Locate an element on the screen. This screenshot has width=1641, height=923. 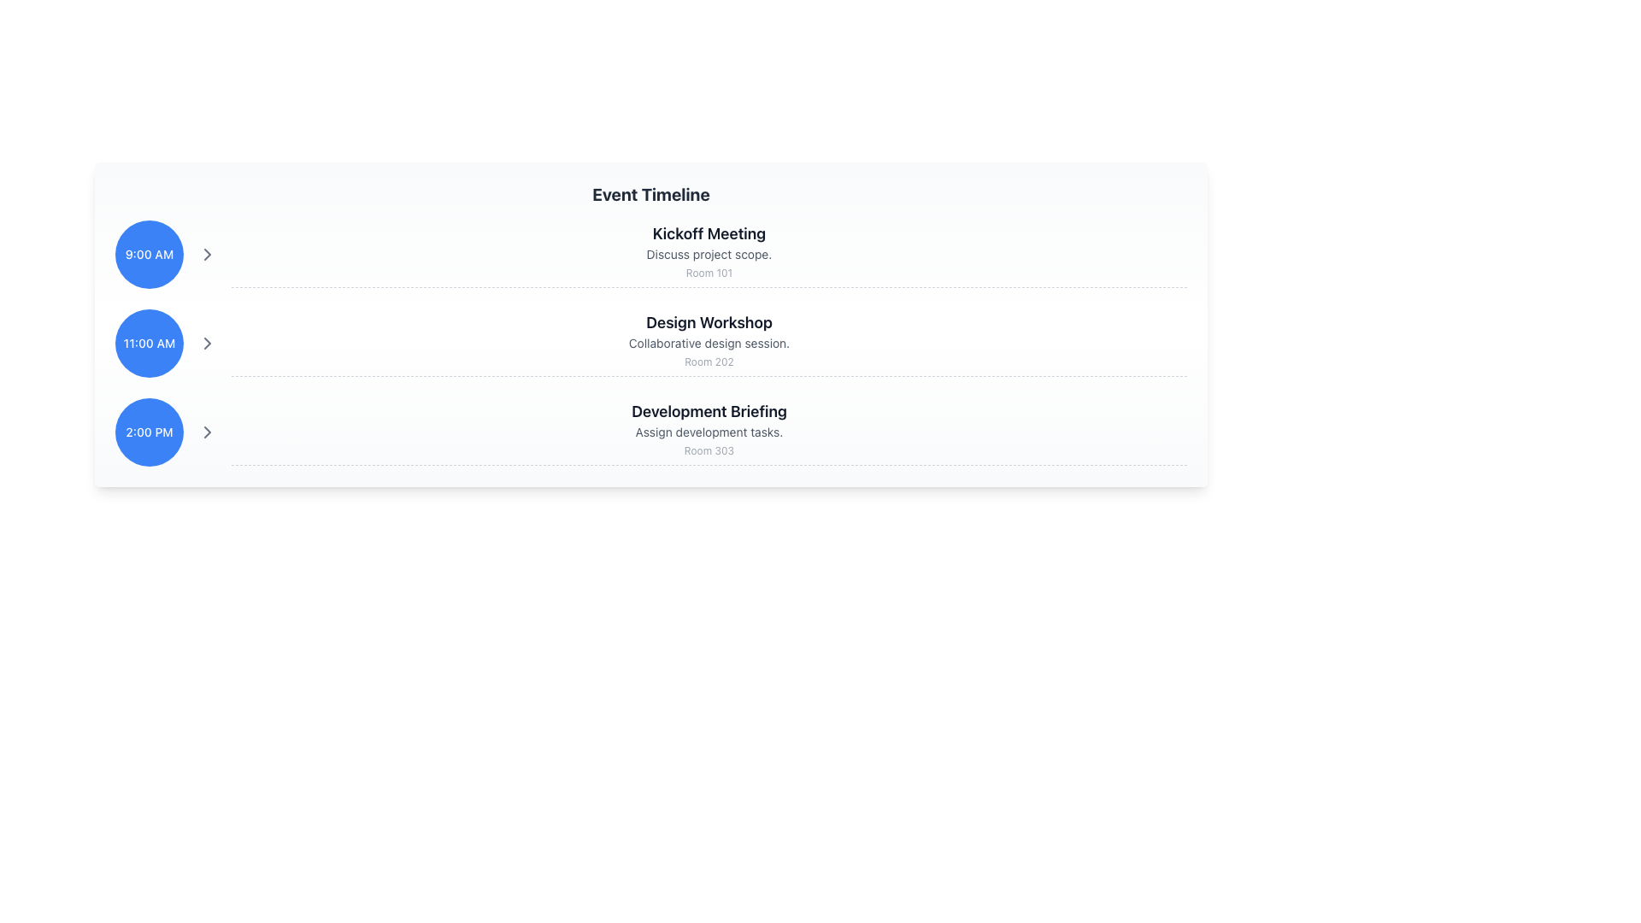
the right-pointing gray Chevron Icon located at the end of the row labeled '2:00 PM' is located at coordinates (207, 431).